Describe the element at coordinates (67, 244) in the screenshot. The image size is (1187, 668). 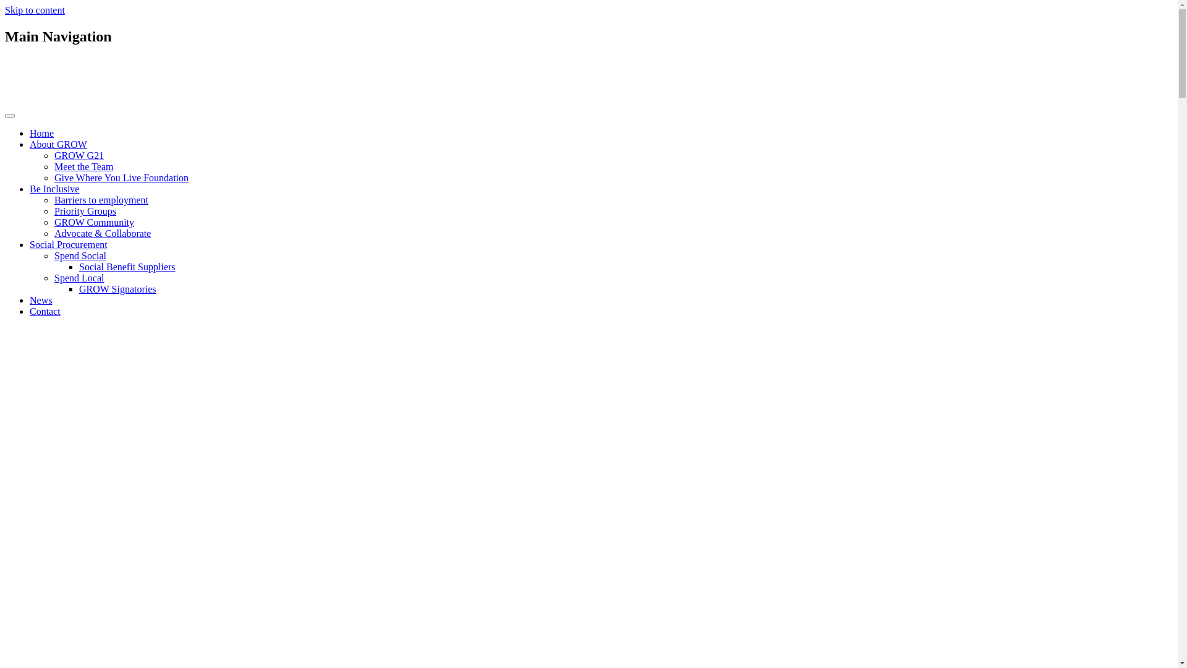
I see `'Social Procurement'` at that location.